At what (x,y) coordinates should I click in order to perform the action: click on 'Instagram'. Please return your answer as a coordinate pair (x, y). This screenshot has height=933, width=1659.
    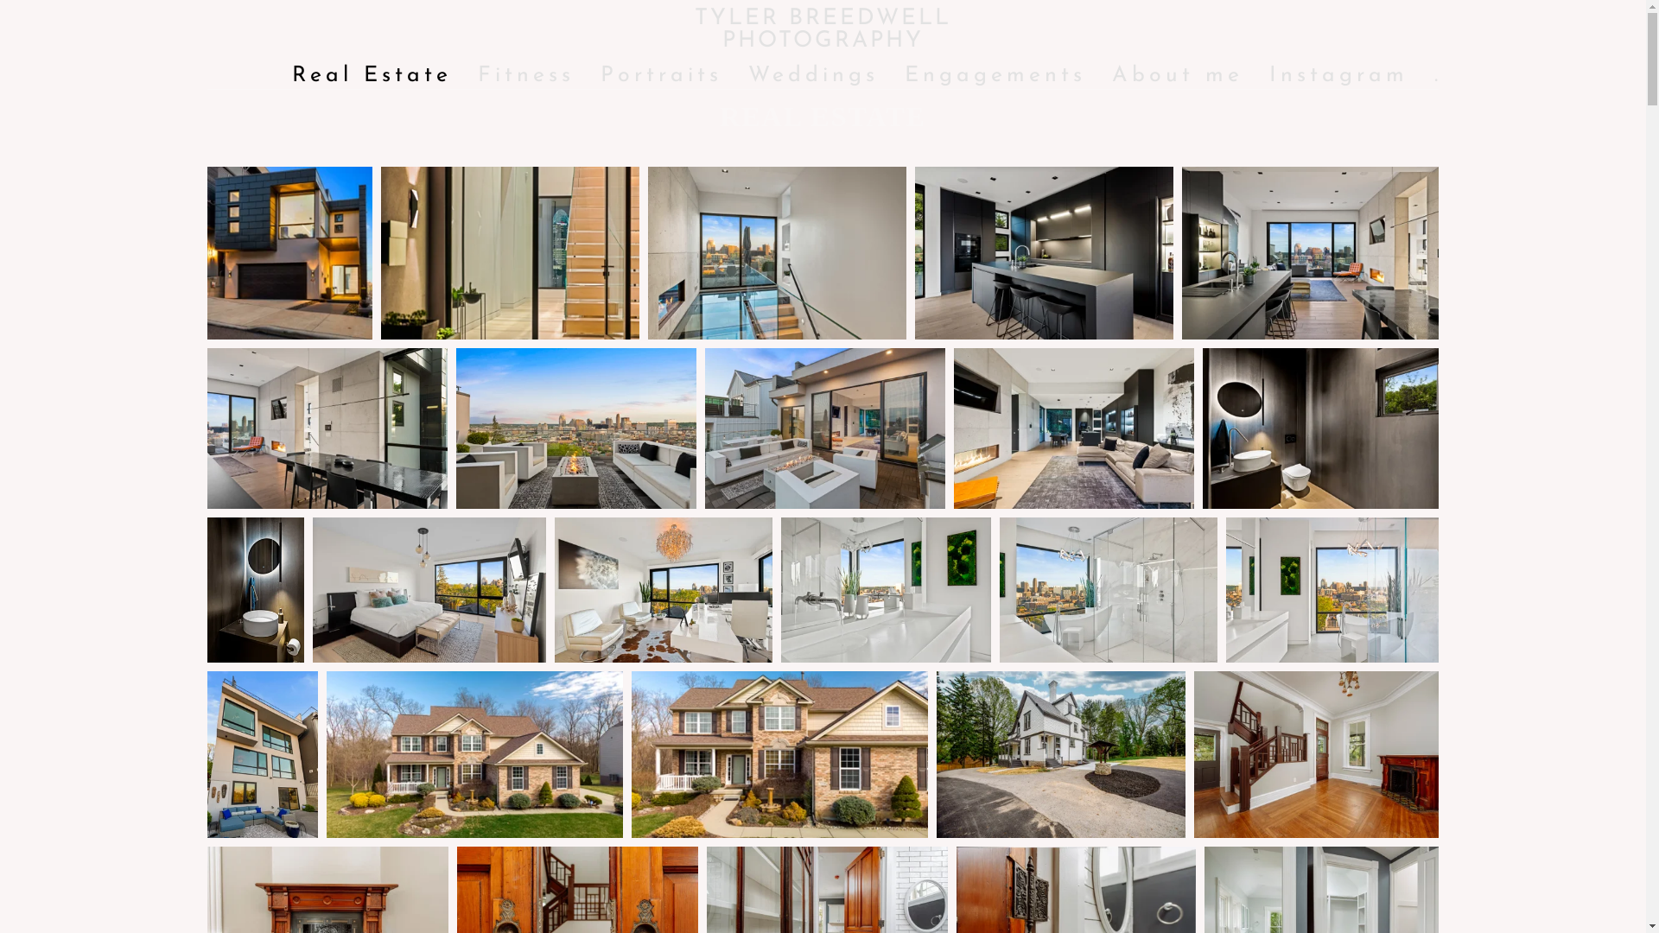
    Looking at the image, I should click on (1256, 74).